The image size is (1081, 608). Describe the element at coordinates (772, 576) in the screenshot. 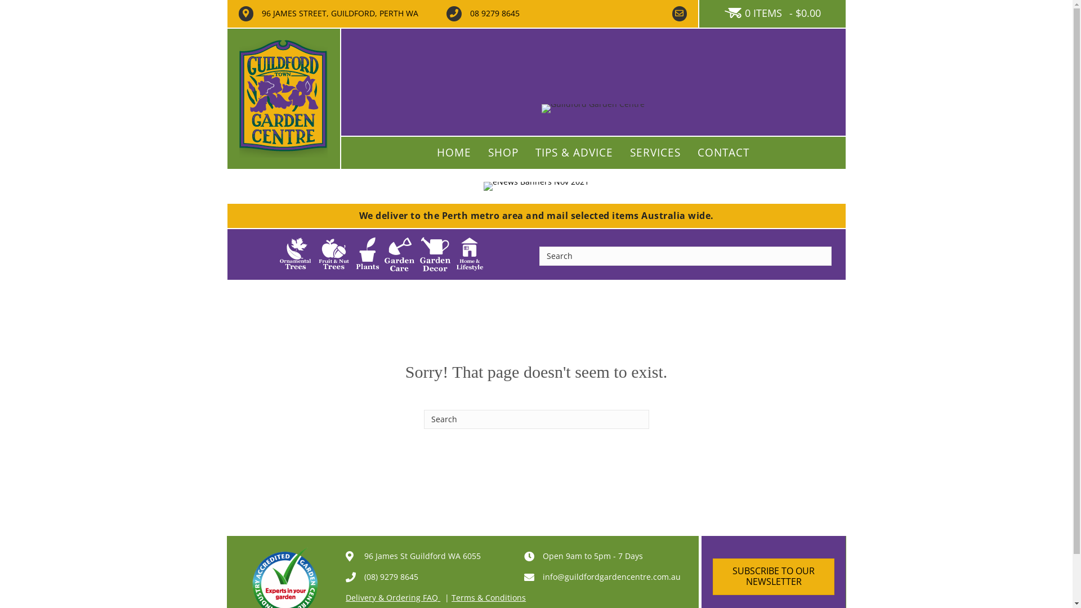

I see `'SUBSCRIBE TO OUR NEWSLETTER'` at that location.